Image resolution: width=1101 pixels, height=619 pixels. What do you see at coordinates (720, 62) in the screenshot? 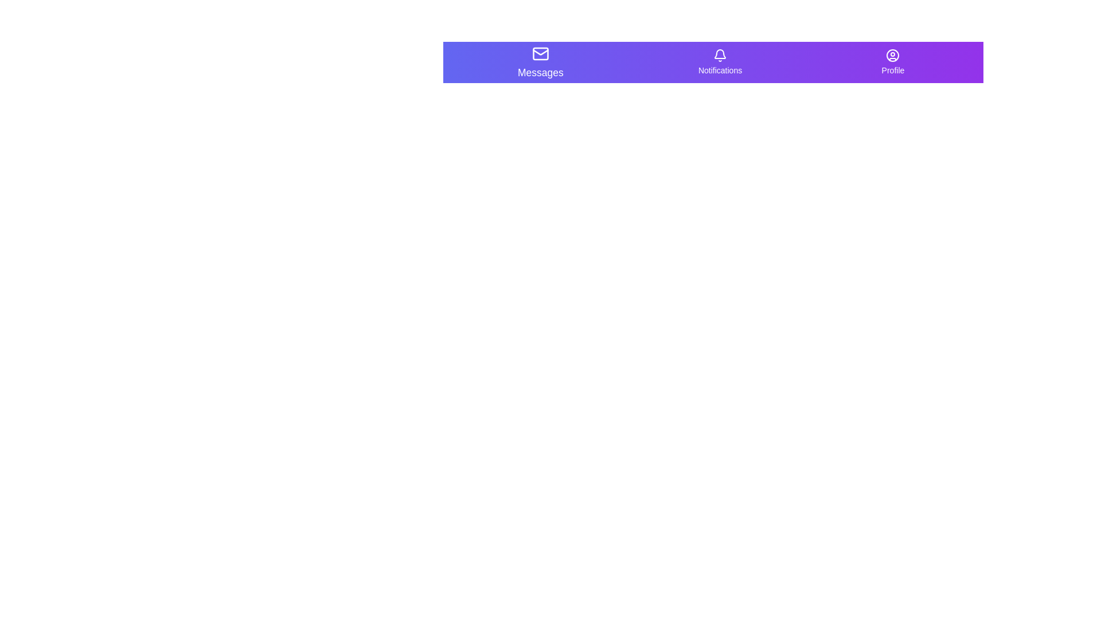
I see `the navigation item Notifications` at bounding box center [720, 62].